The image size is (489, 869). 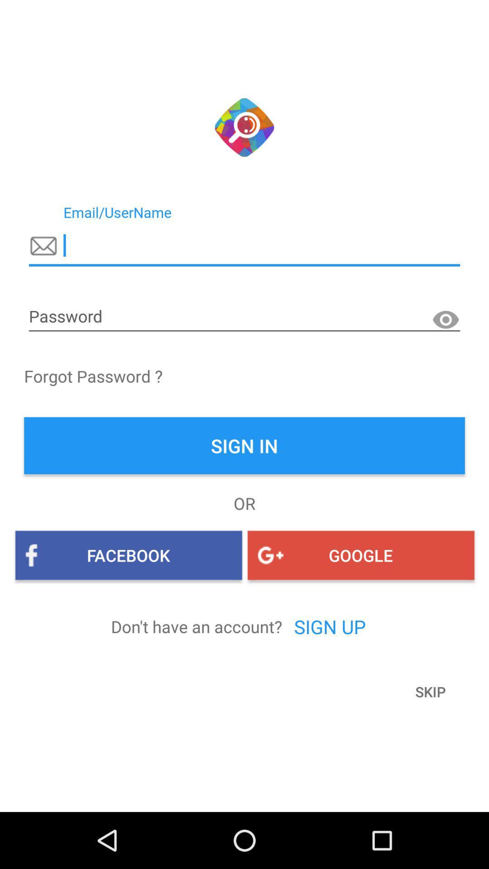 What do you see at coordinates (445, 320) in the screenshot?
I see `make password visible` at bounding box center [445, 320].